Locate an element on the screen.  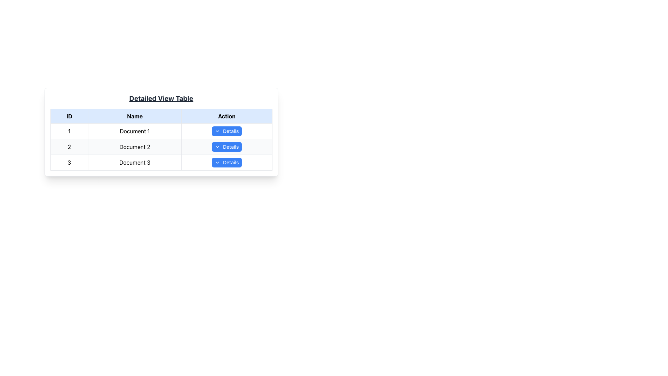
the 'Name' Table Header Cell, which is the second column header in the table, styled in bold black text on a light blue background is located at coordinates (135, 116).